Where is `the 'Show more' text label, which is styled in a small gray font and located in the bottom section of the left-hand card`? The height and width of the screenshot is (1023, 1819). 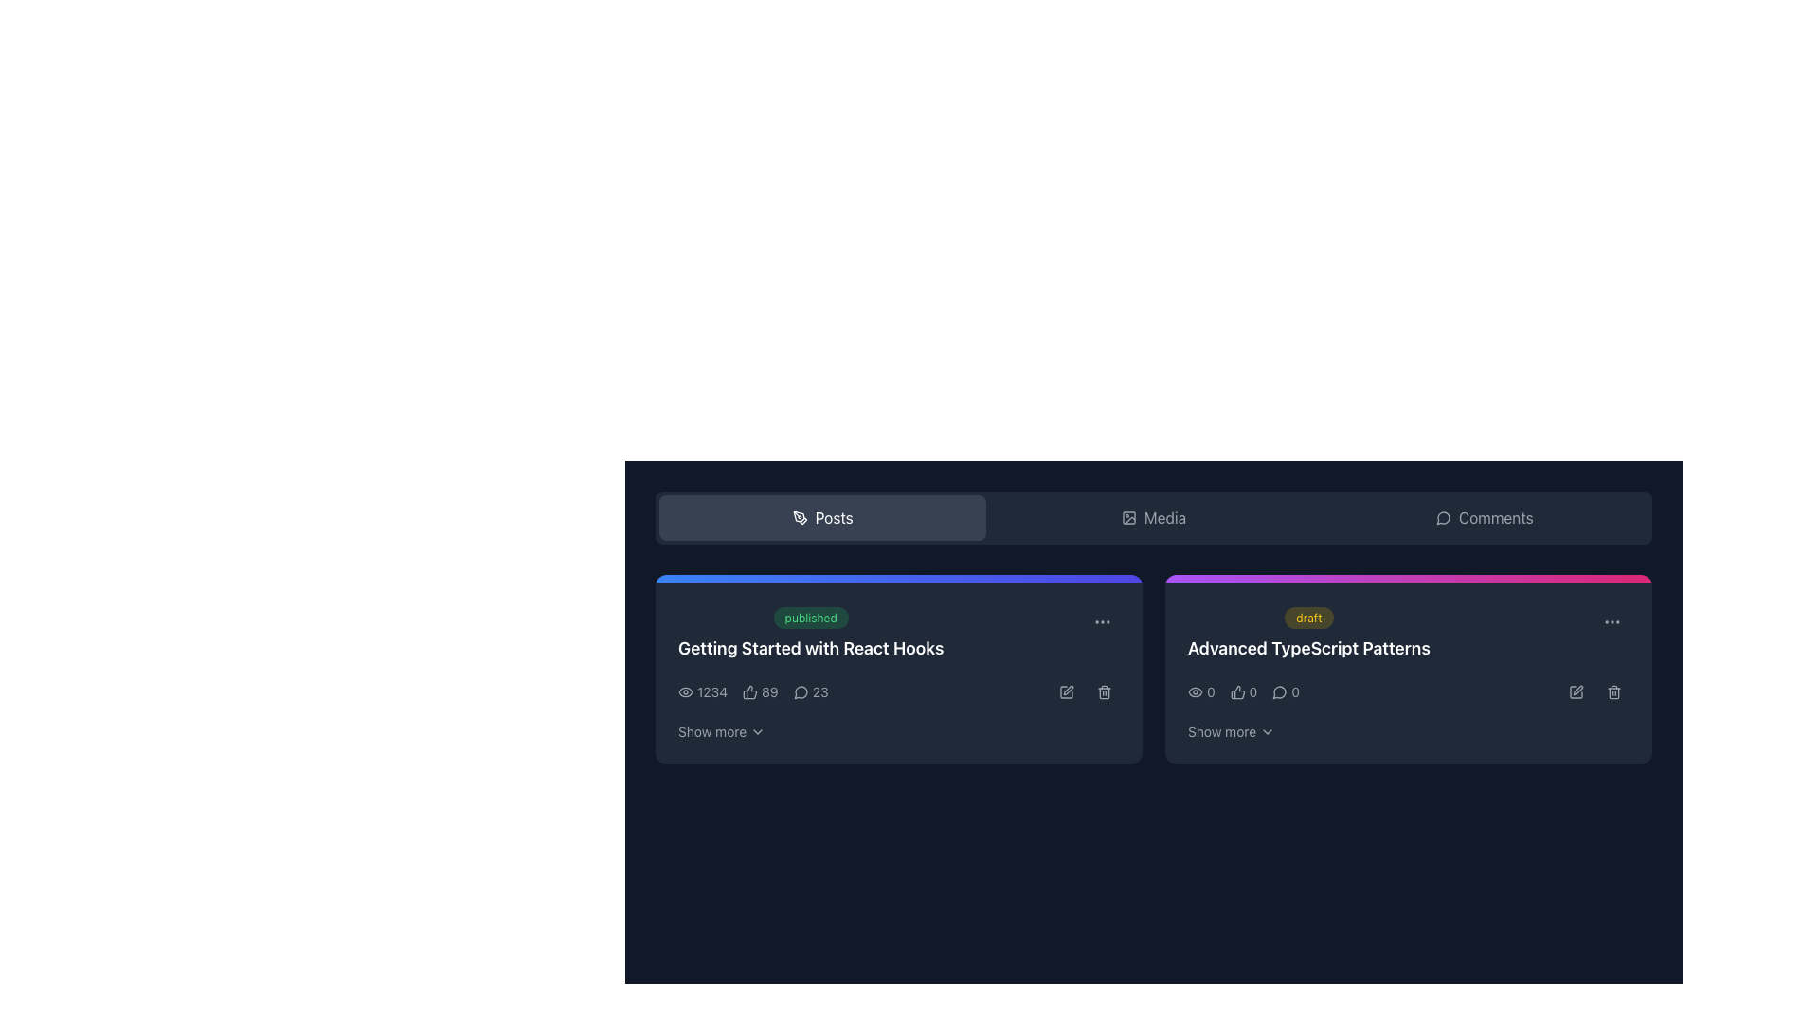
the 'Show more' text label, which is styled in a small gray font and located in the bottom section of the left-hand card is located at coordinates (711, 730).